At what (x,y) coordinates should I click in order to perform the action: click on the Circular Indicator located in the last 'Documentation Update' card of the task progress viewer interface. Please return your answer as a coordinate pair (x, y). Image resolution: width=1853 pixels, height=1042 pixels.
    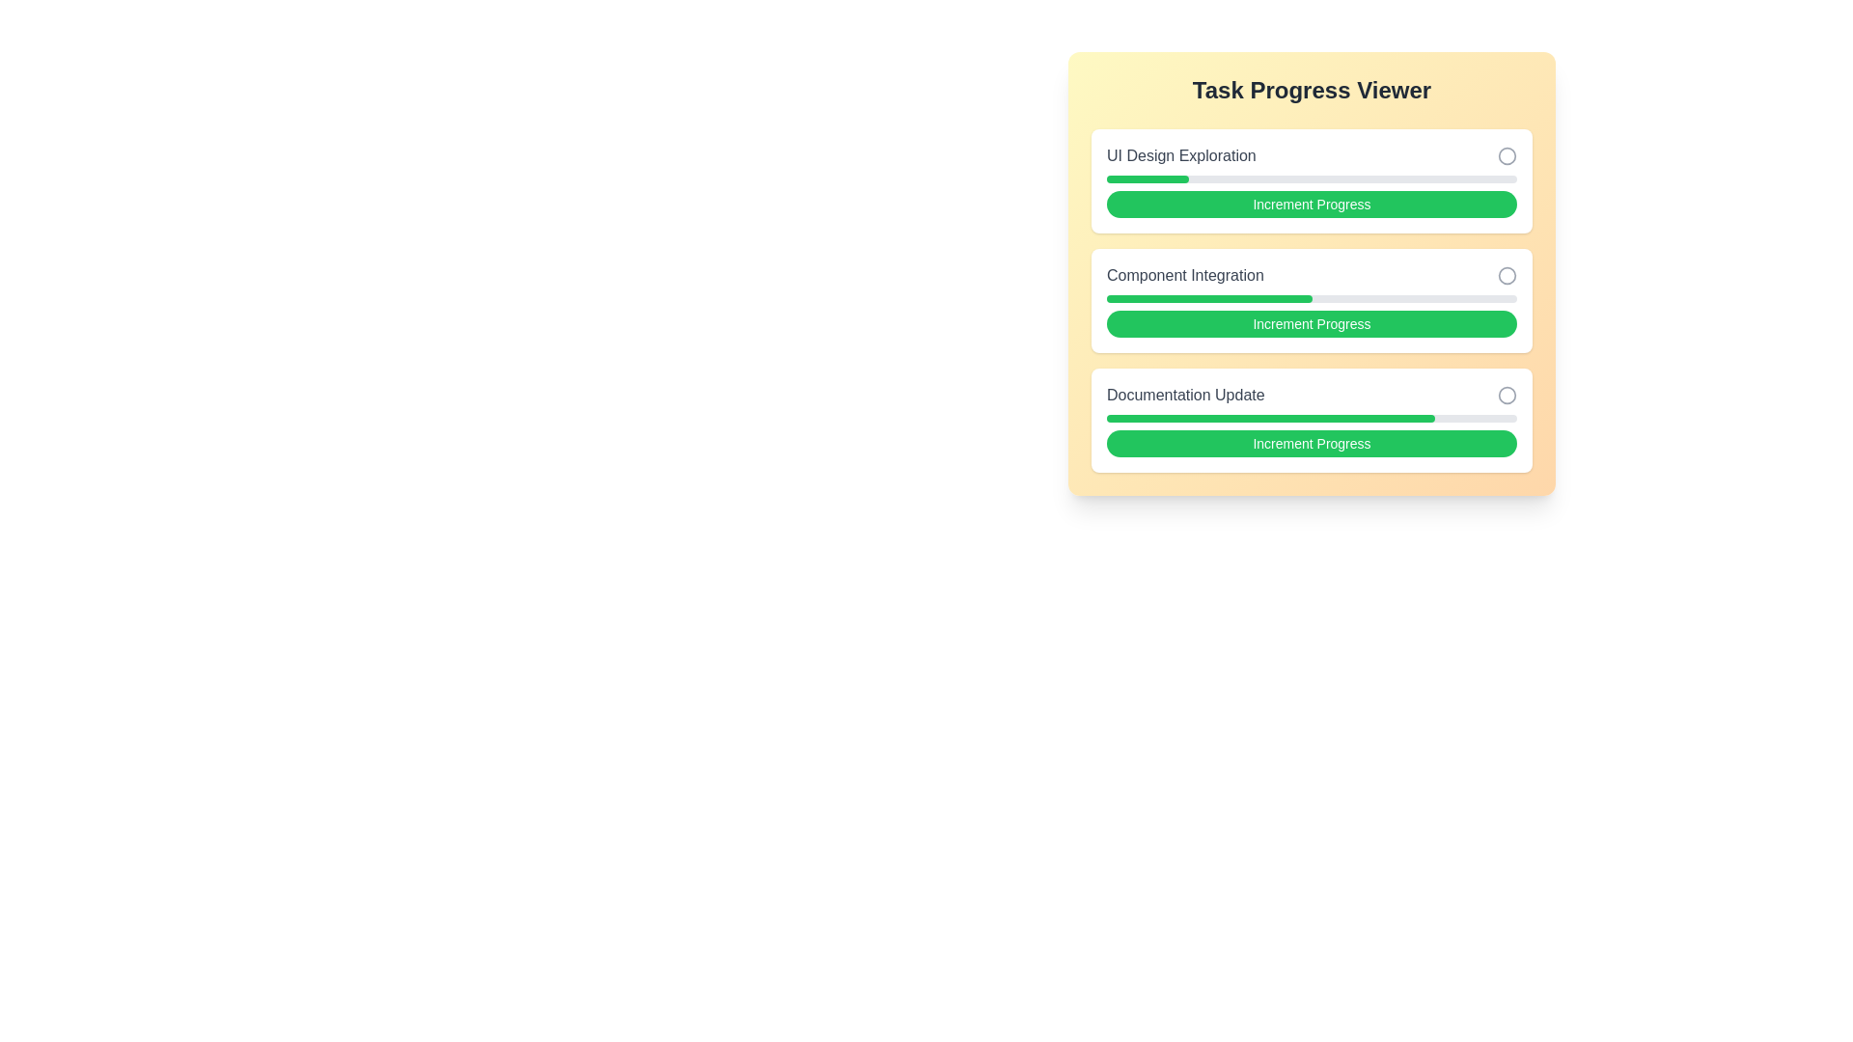
    Looking at the image, I should click on (1506, 394).